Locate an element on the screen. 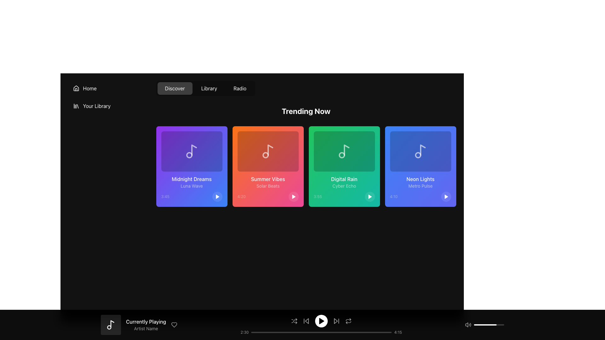  the 'Your Library' icon located in the left sidebar is located at coordinates (76, 105).